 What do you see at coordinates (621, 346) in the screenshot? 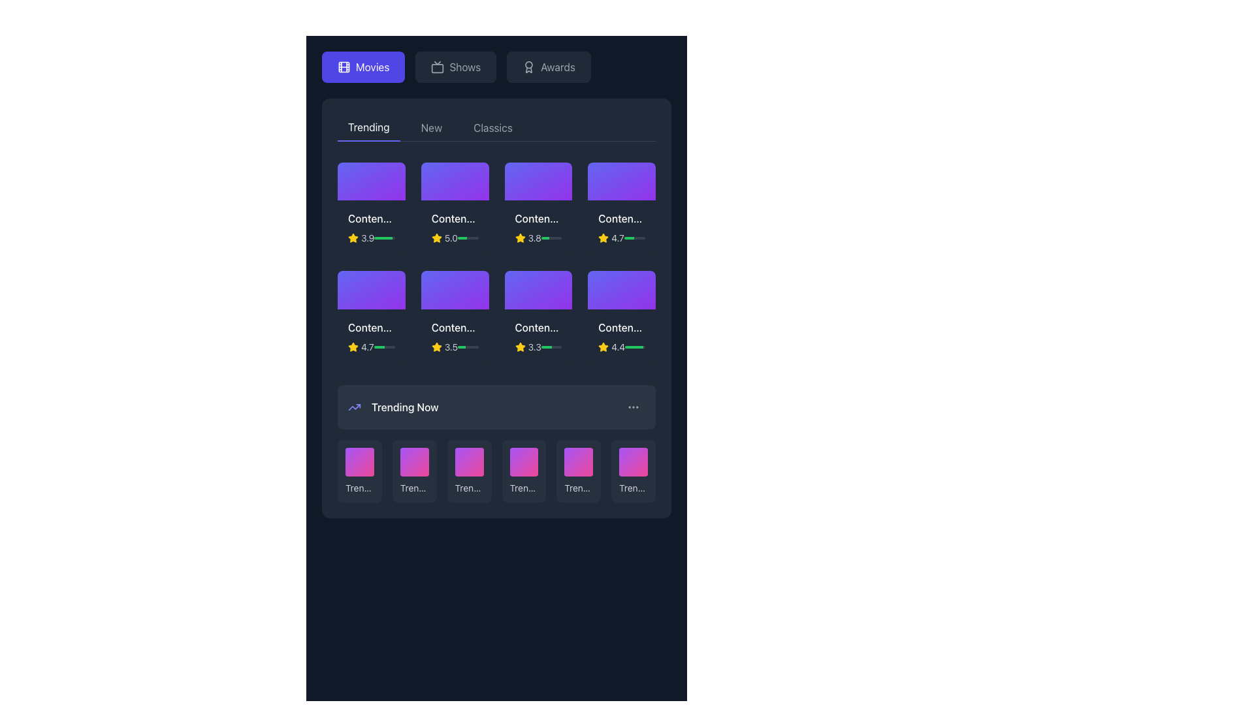
I see `the Rating Display with a Progress Bar located in the lower right corner of the content titled 'Content Title 8'` at bounding box center [621, 346].